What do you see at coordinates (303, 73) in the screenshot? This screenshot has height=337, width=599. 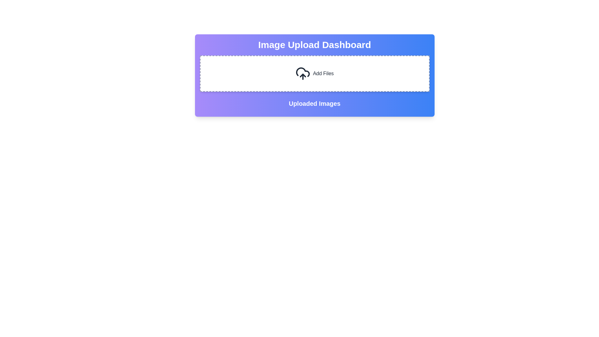 I see `the cloud icon with an upward arrow, which symbolizes uploading, located near the 'Add Files' text` at bounding box center [303, 73].